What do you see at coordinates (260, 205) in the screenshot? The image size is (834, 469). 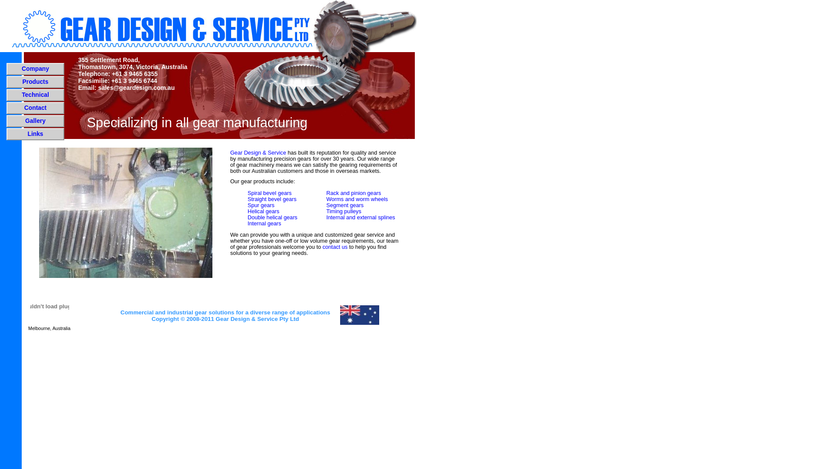 I see `'Spur gears'` at bounding box center [260, 205].